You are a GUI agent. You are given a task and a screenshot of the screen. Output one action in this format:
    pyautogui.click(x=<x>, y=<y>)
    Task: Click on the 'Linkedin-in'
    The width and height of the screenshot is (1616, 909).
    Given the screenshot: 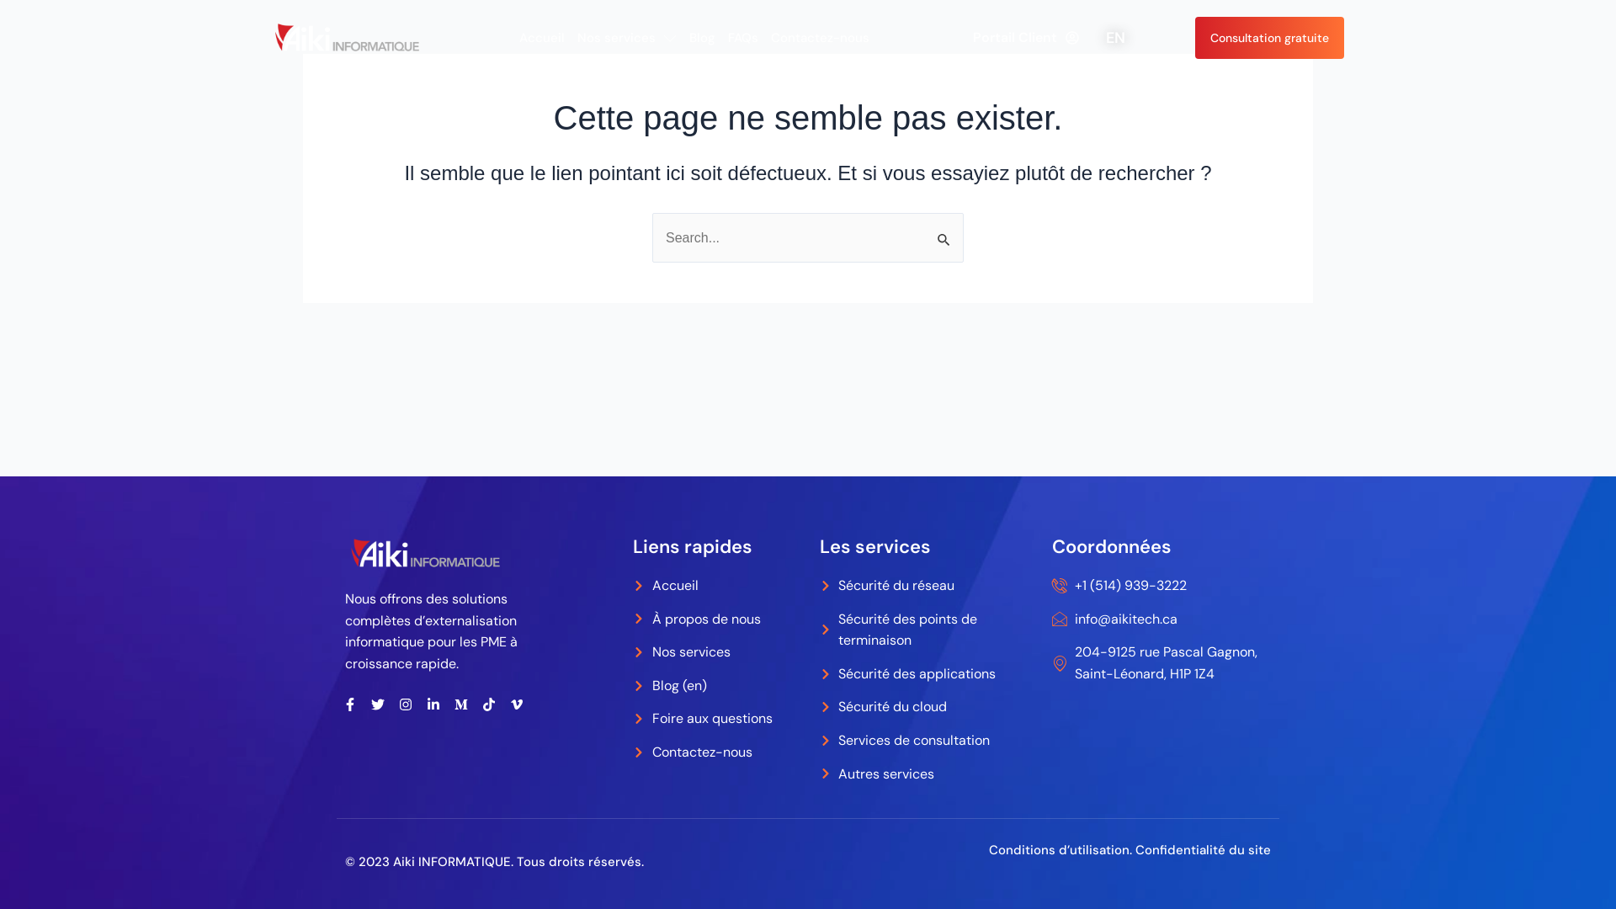 What is the action you would take?
    pyautogui.click(x=433, y=704)
    